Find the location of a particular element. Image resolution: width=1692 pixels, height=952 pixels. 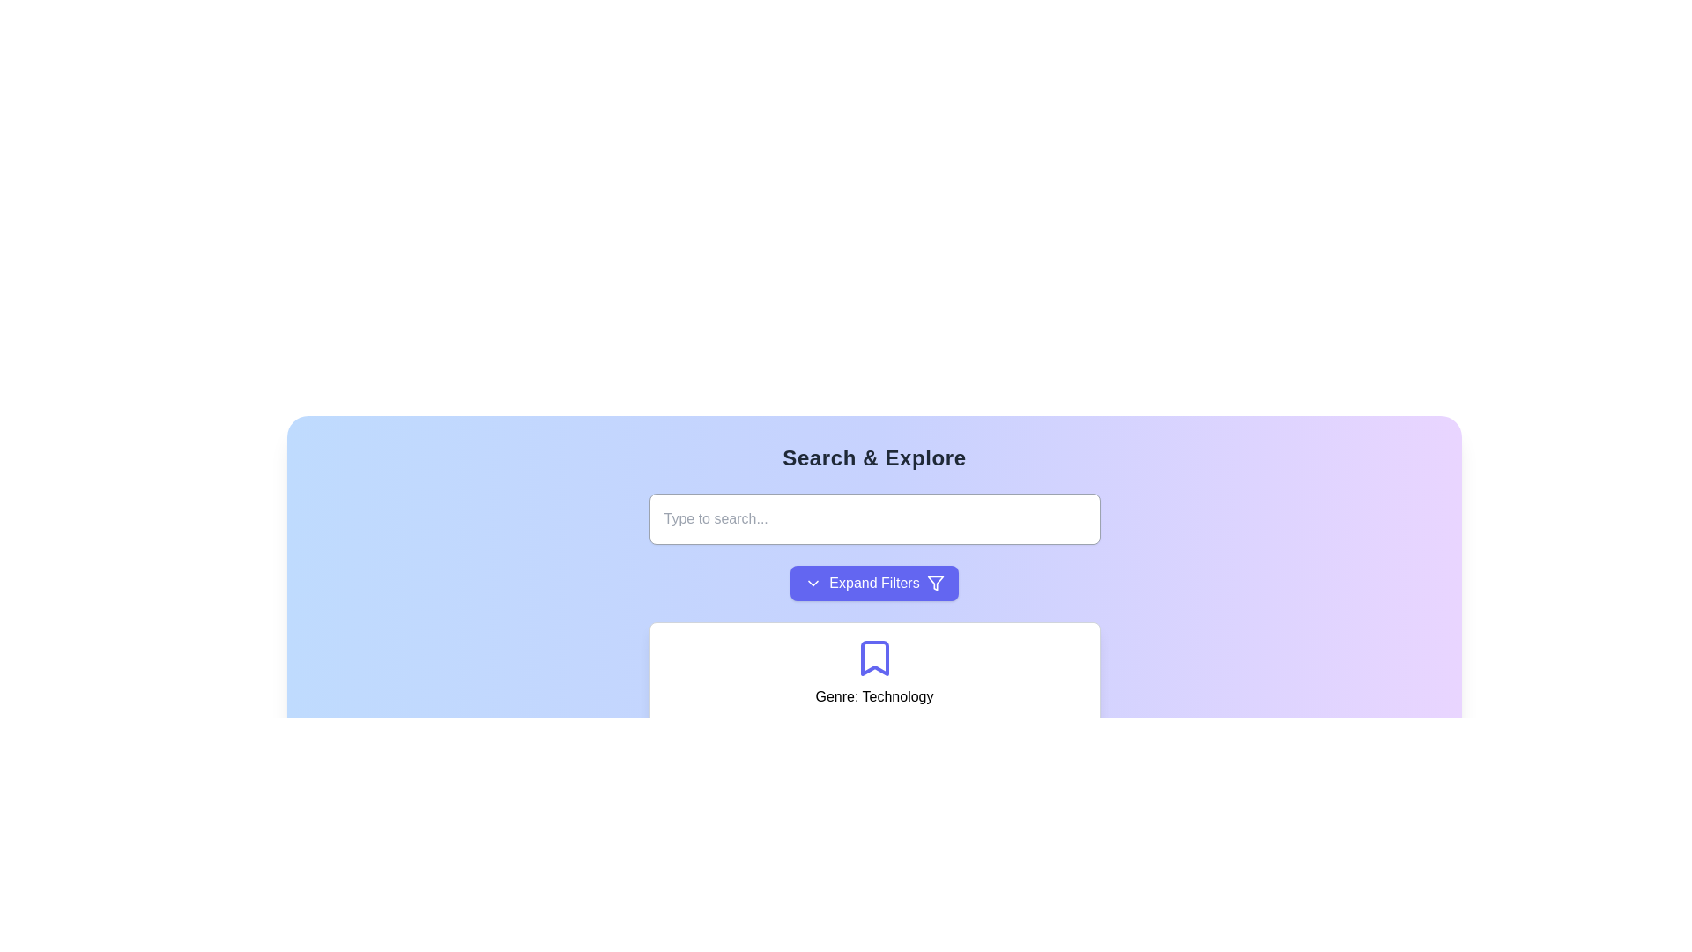

the filtering function icon located to the left of the 'Expand Filters' button text label is located at coordinates (934, 584).